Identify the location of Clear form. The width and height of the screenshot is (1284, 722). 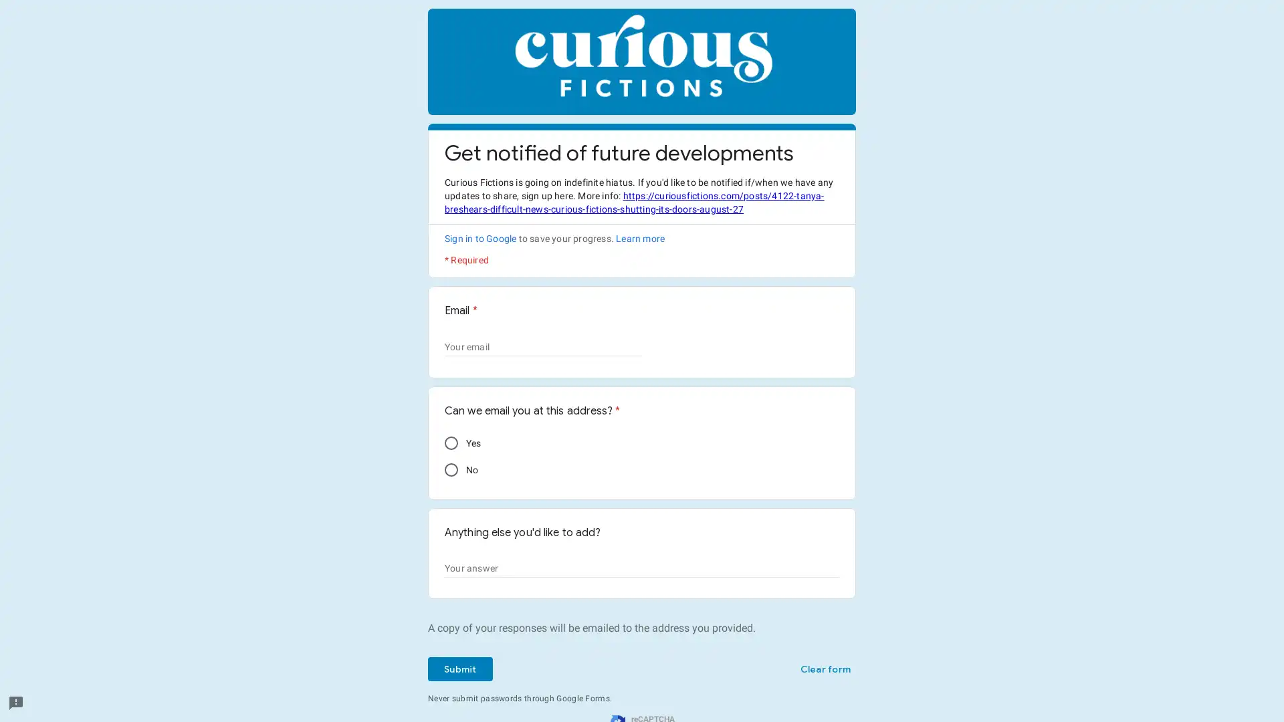
(824, 669).